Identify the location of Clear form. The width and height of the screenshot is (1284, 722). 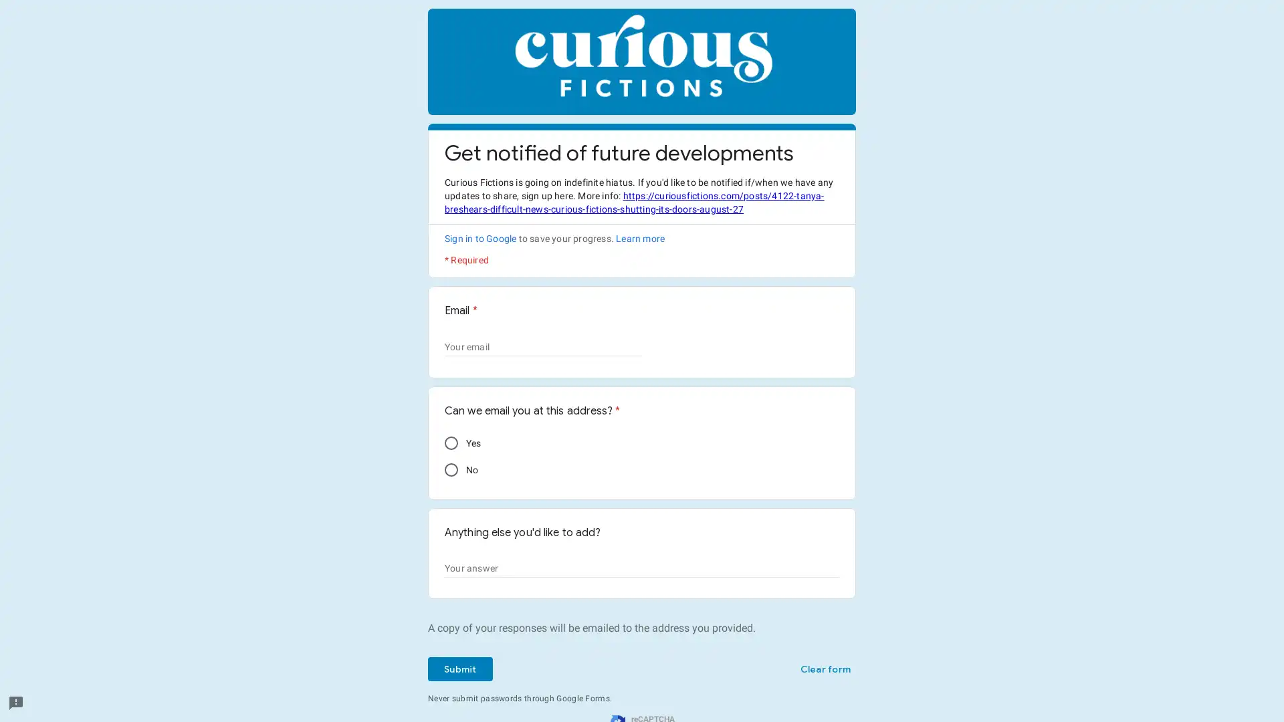
(824, 669).